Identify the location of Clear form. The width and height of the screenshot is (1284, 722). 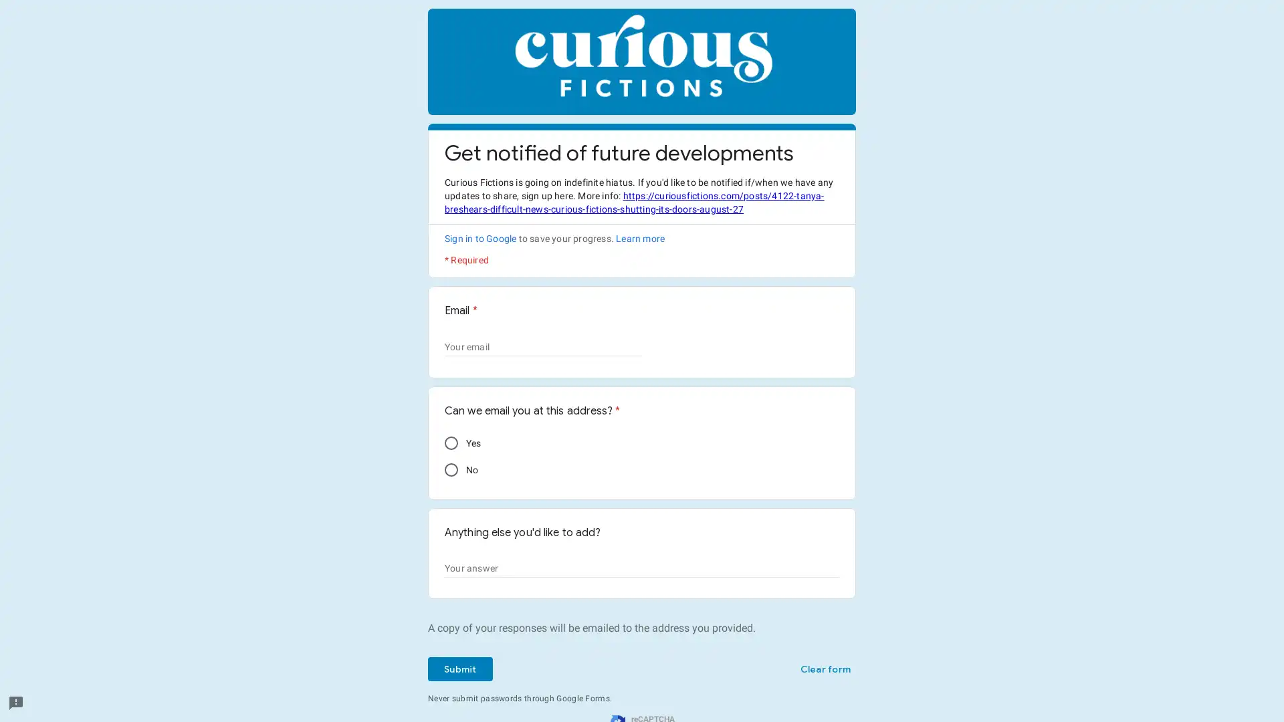
(824, 669).